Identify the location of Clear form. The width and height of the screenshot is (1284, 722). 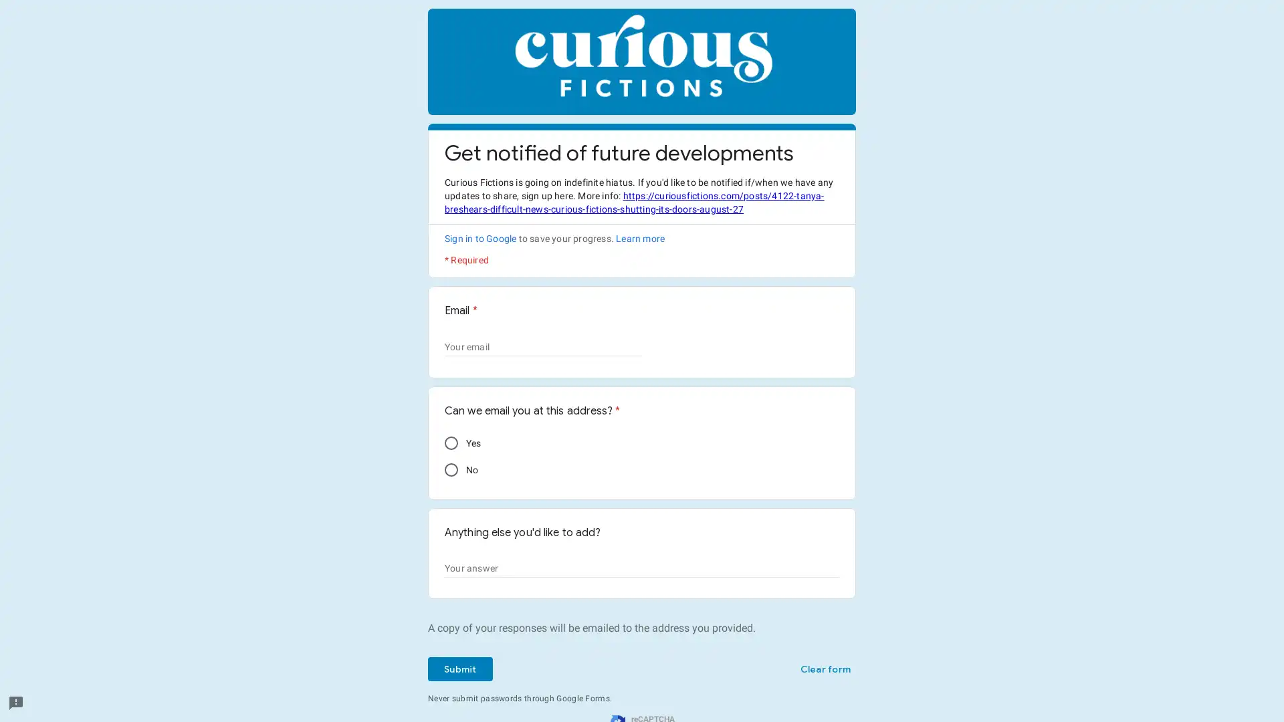
(824, 669).